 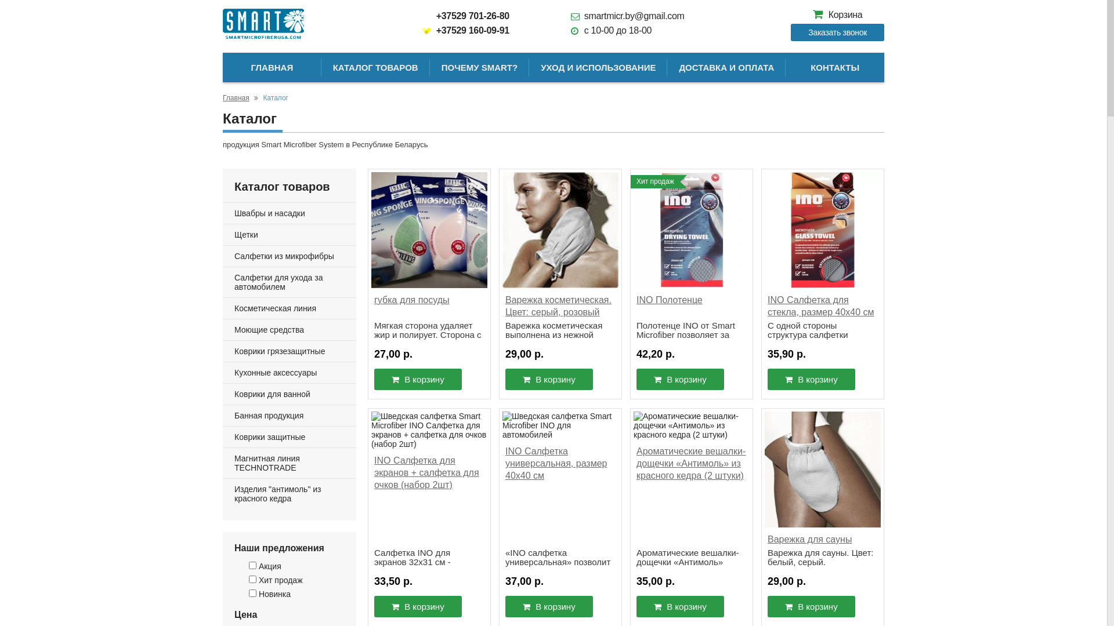 I want to click on '+37529 701-26-80', so click(x=465, y=16).